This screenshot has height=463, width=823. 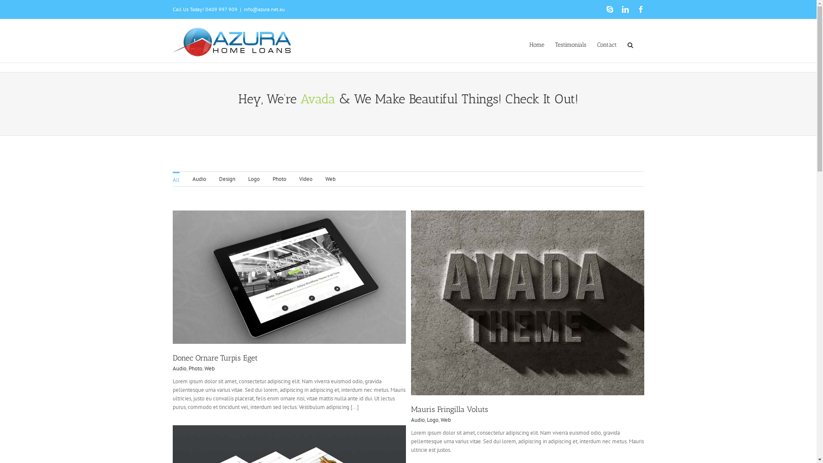 I want to click on 'Search', so click(x=628, y=44).